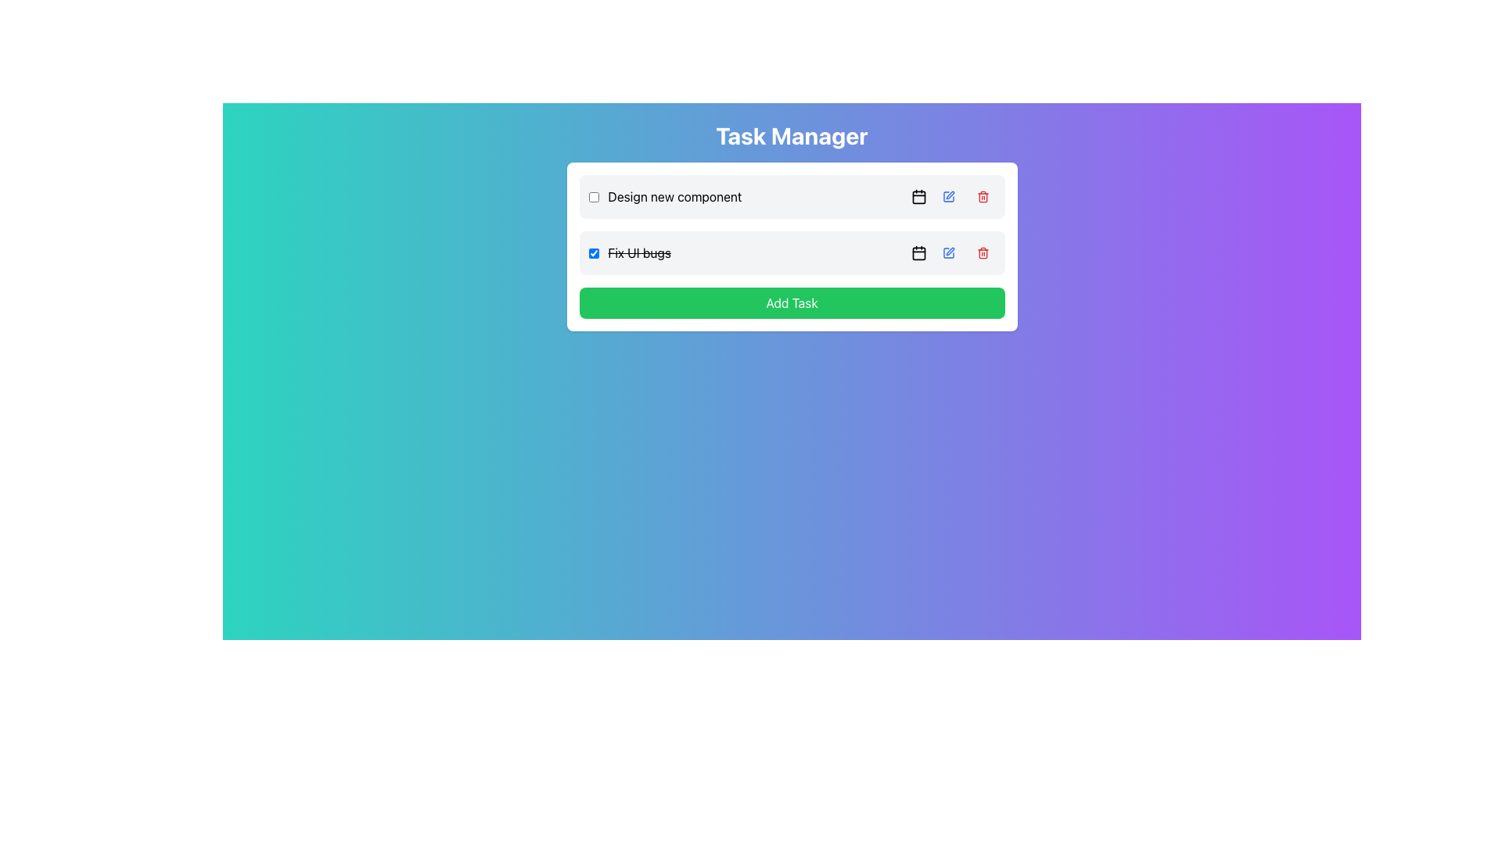  What do you see at coordinates (665, 195) in the screenshot?
I see `the text label displaying 'Design new component', which is styled with black text on a white background and is positioned next to a checkbox in a task manager` at bounding box center [665, 195].